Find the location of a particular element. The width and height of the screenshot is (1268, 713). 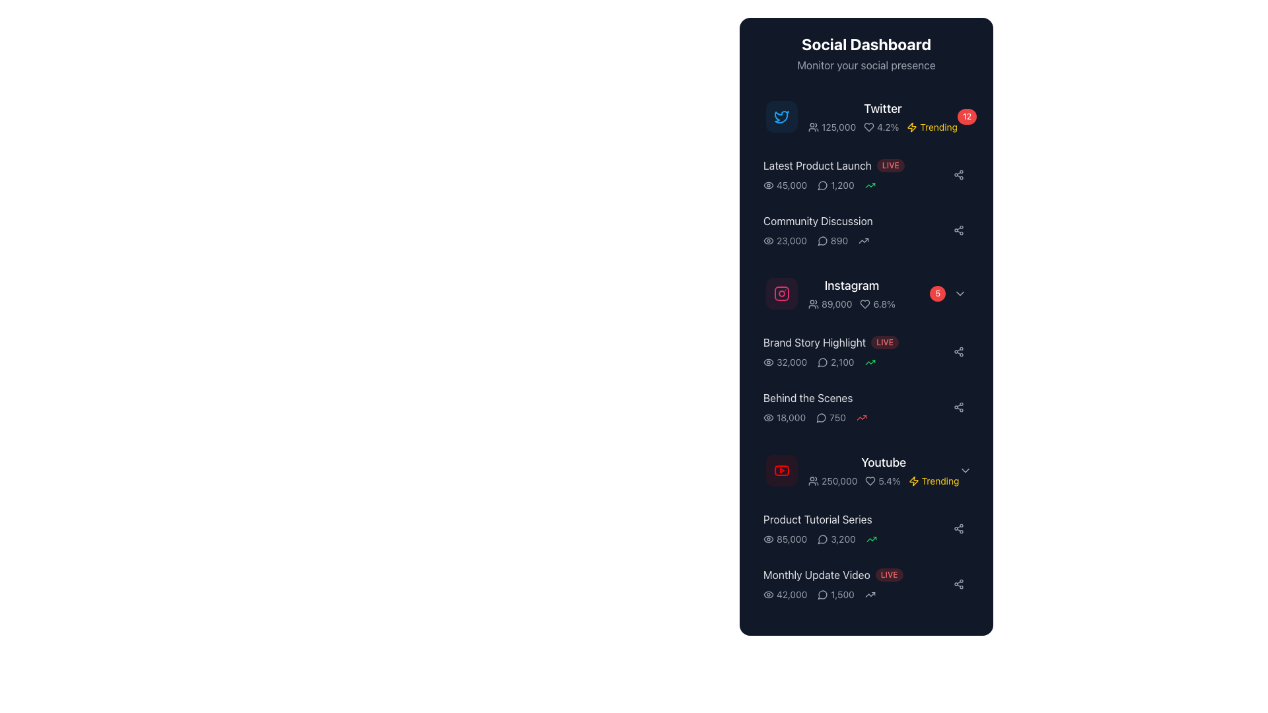

the fourth interactive card in the social media dashboard, which displays the YouTube logo, the text 'Youtube', user and heart icons with metrics, and 'Trending' text next to a lightning bolt icon is located at coordinates (866, 470).